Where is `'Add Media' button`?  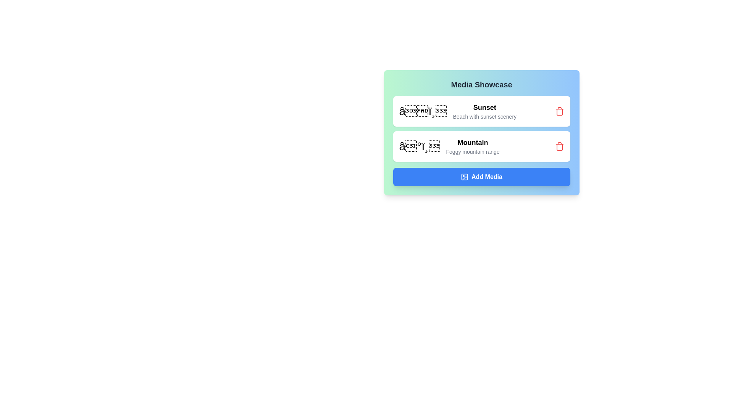 'Add Media' button is located at coordinates (481, 177).